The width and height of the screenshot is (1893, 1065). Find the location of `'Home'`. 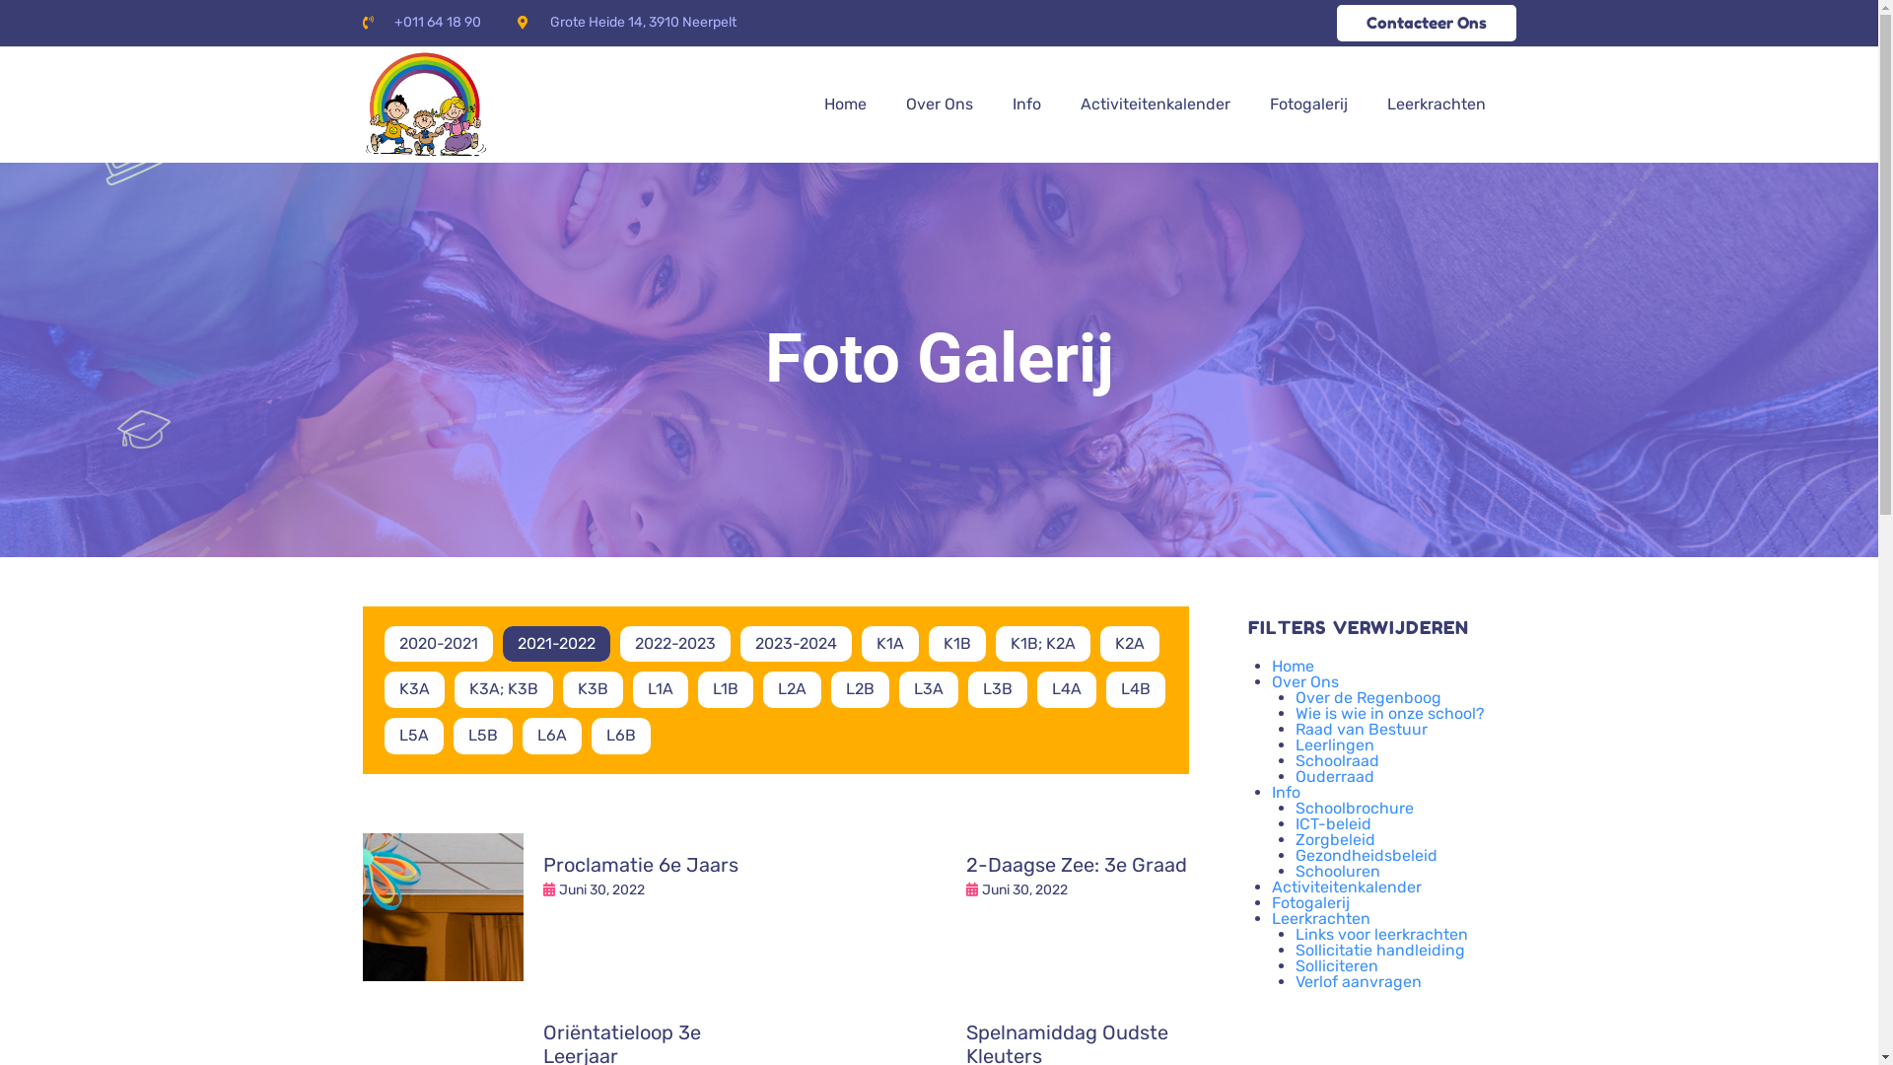

'Home' is located at coordinates (845, 104).